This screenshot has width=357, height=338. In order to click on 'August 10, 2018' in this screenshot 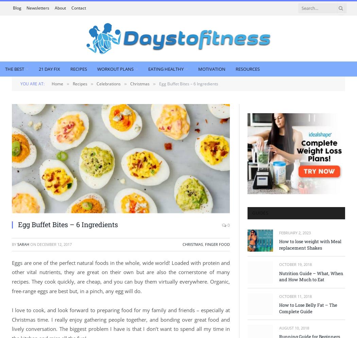, I will do `click(293, 327)`.